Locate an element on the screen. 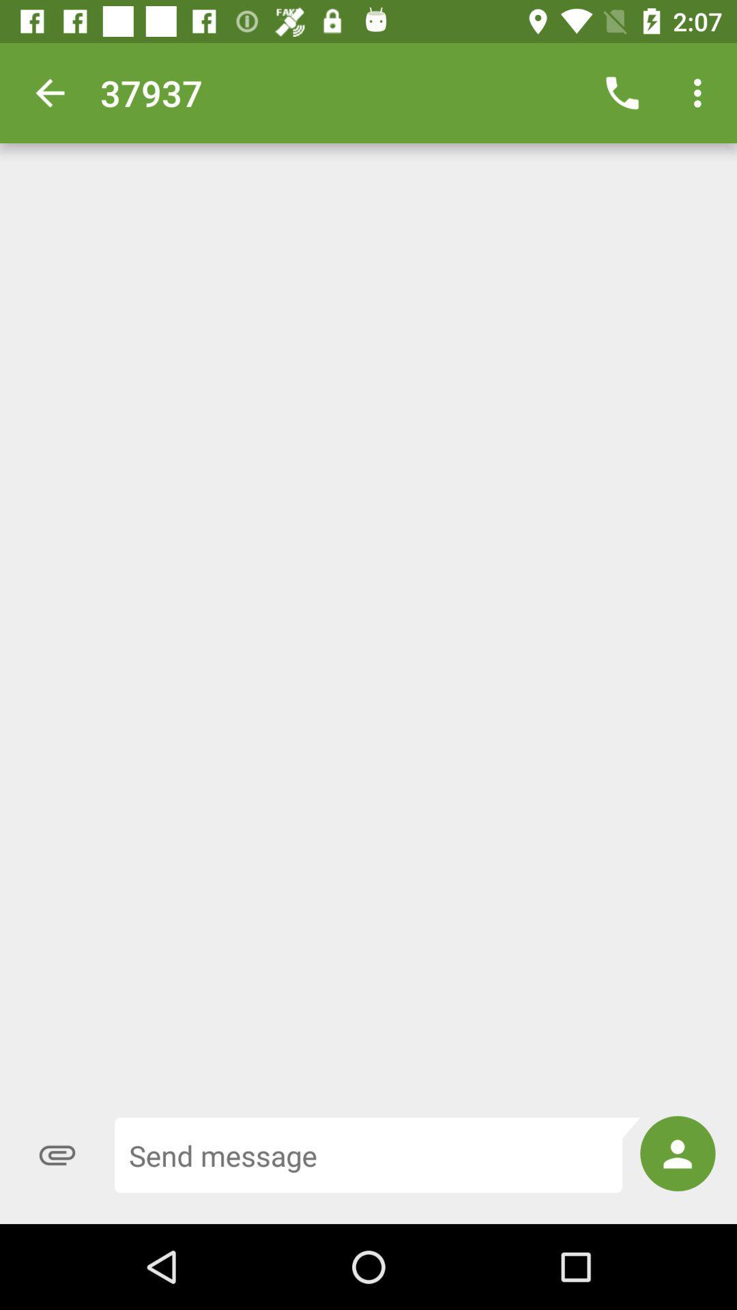  icon to the left of the 37937 icon is located at coordinates (49, 92).